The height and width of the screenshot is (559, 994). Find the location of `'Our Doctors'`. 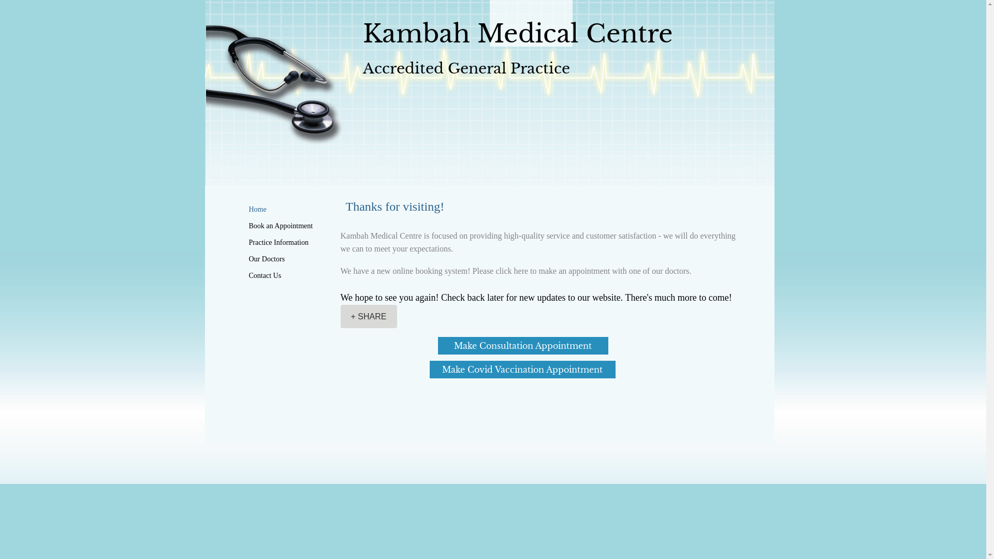

'Our Doctors' is located at coordinates (266, 258).